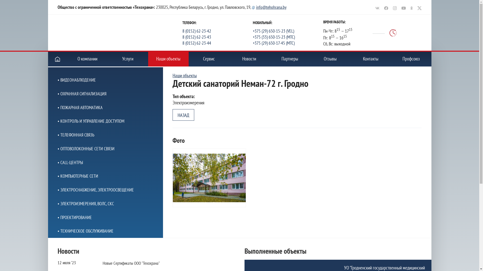 Image resolution: width=483 pixels, height=271 pixels. I want to click on '8 (0152) 62-23-42', so click(217, 31).